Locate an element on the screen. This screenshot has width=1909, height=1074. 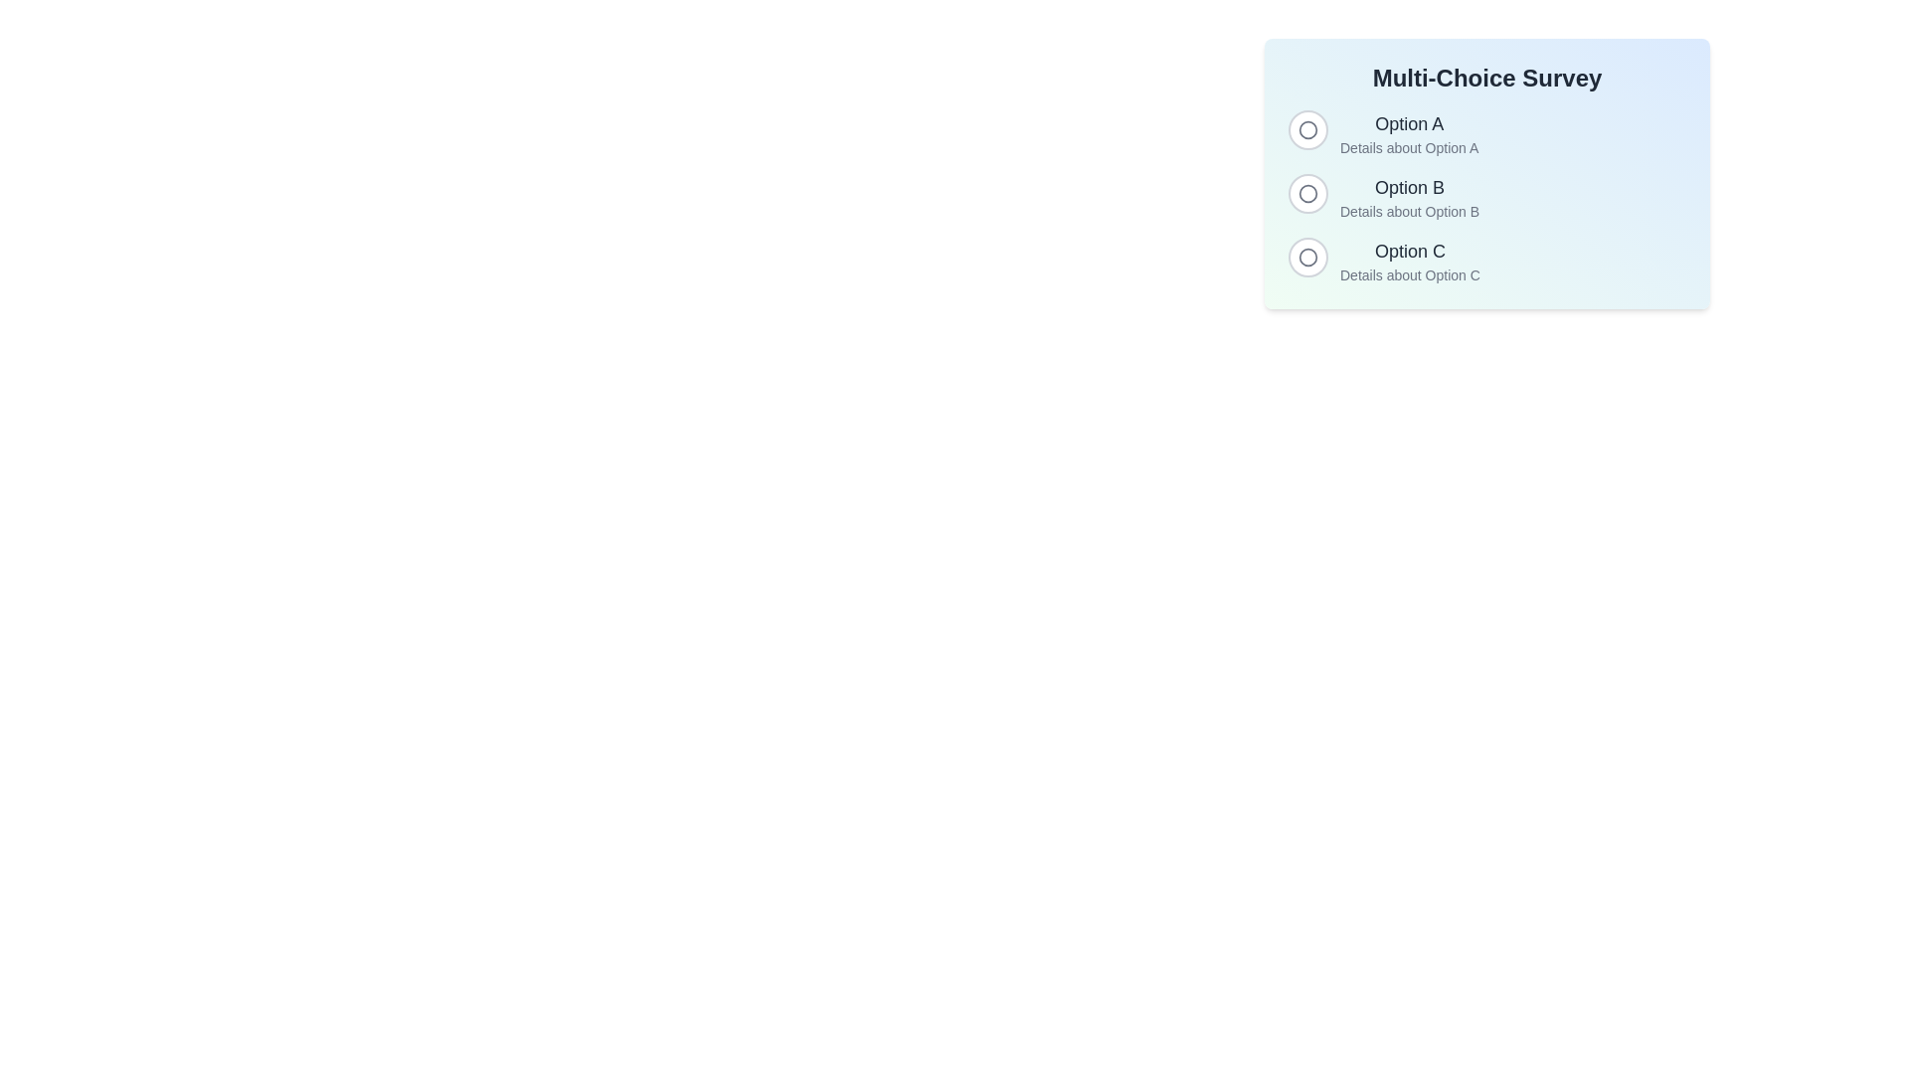
the 'Option B' radio button element for keyboard navigation is located at coordinates (1487, 198).